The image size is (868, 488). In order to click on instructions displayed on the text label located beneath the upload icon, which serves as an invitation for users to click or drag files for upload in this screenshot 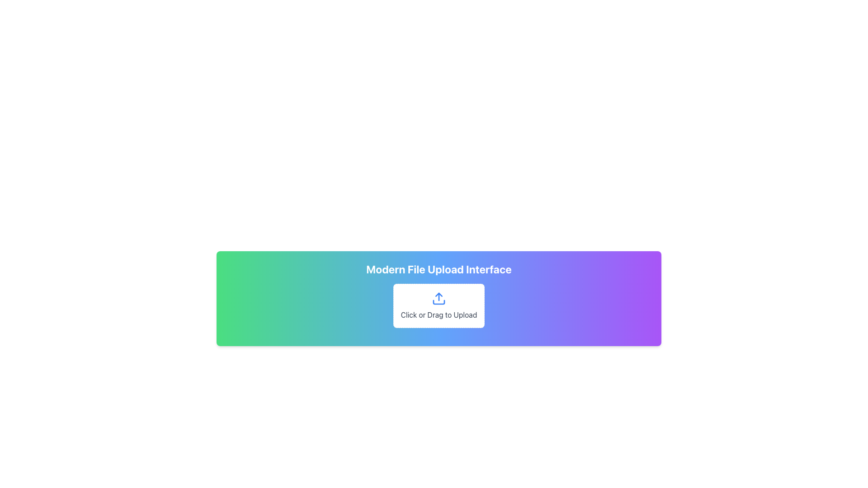, I will do `click(439, 314)`.